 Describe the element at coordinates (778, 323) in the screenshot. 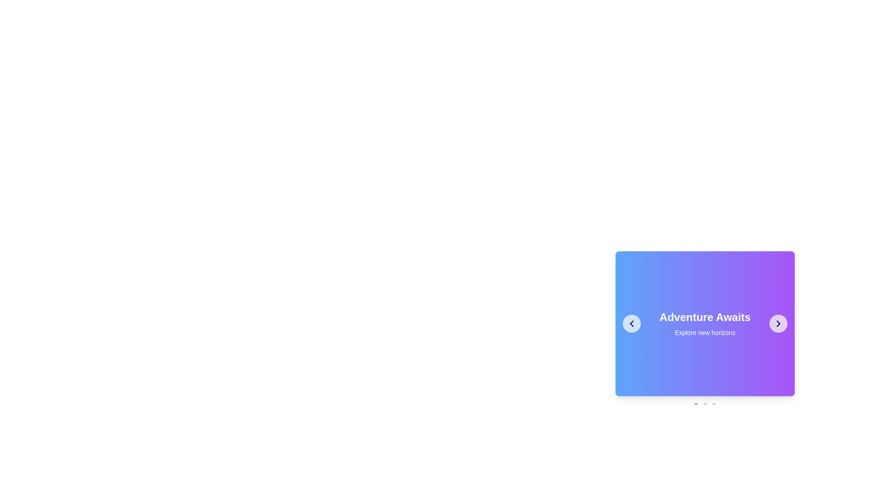

I see `the right chevron SVG graphic located within the circular button on the right side of the card interface featuring the text 'Adventure Awaits'` at that location.